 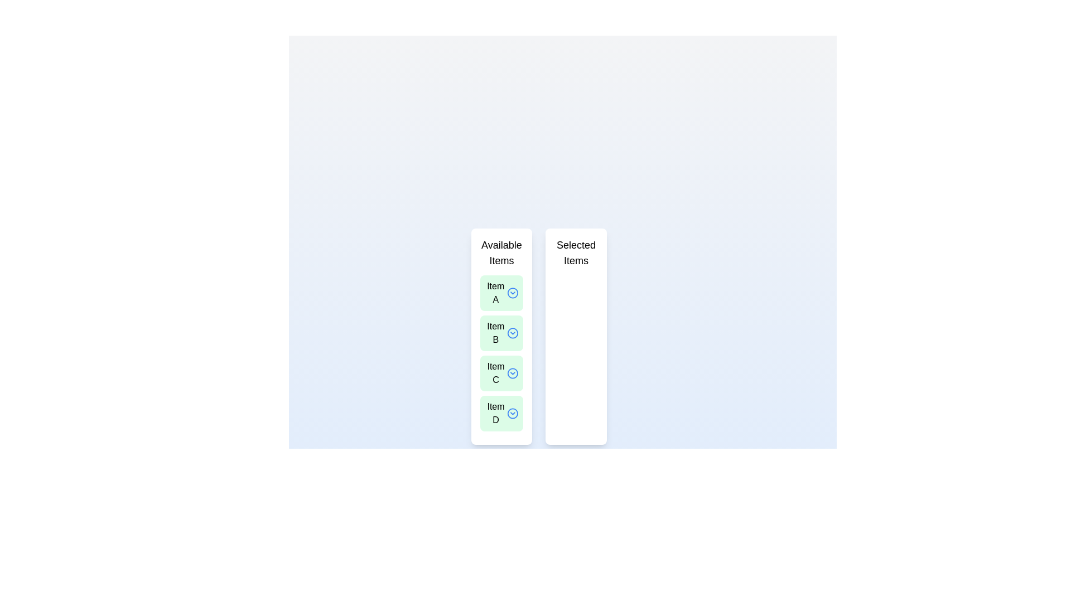 I want to click on the down arrow icon next to Item C in the 'Available Items' list to transfer it to 'Selected Items', so click(x=512, y=373).